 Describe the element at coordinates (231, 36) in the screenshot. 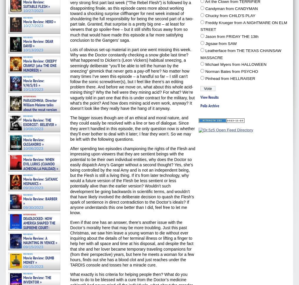

I see `'Jason from FRIDAY THE 13th'` at that location.